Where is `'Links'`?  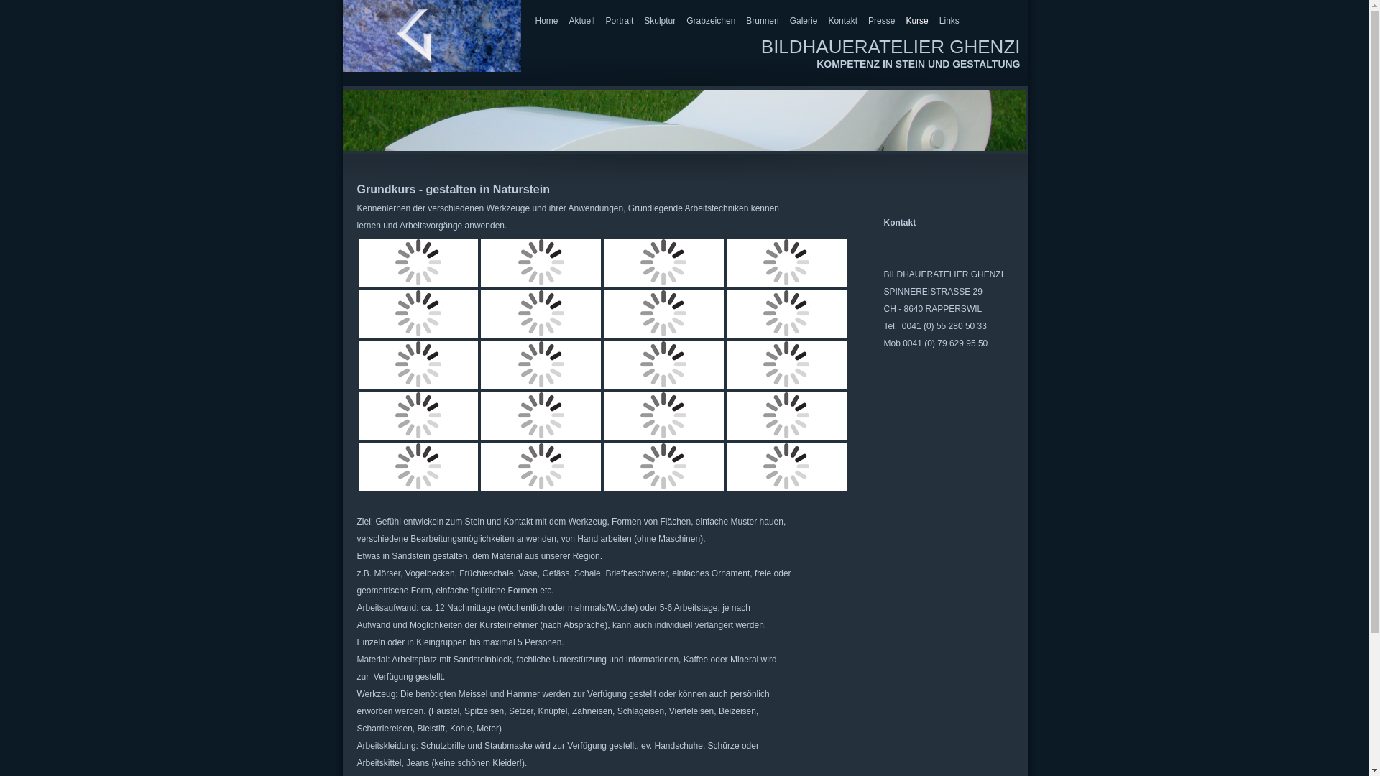 'Links' is located at coordinates (939, 21).